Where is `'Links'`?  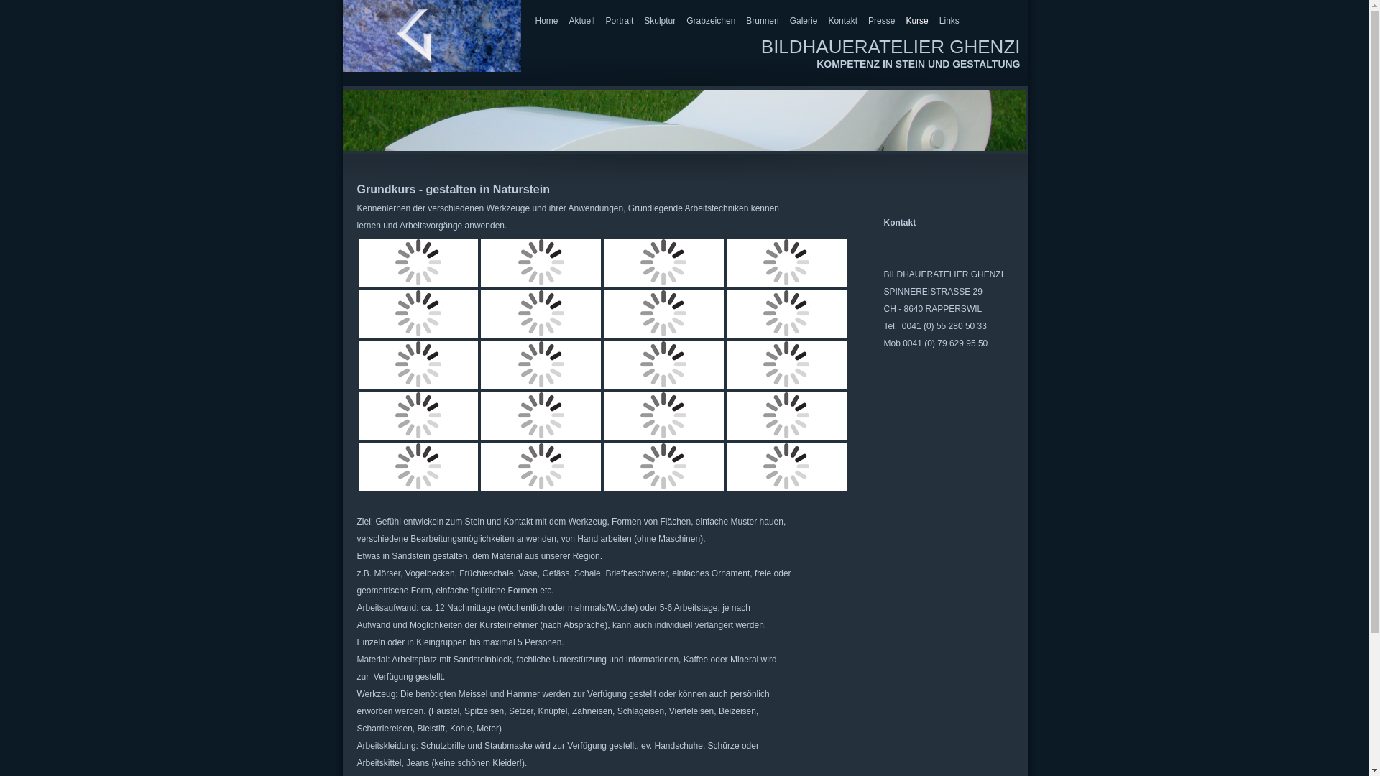 'Links' is located at coordinates (939, 21).